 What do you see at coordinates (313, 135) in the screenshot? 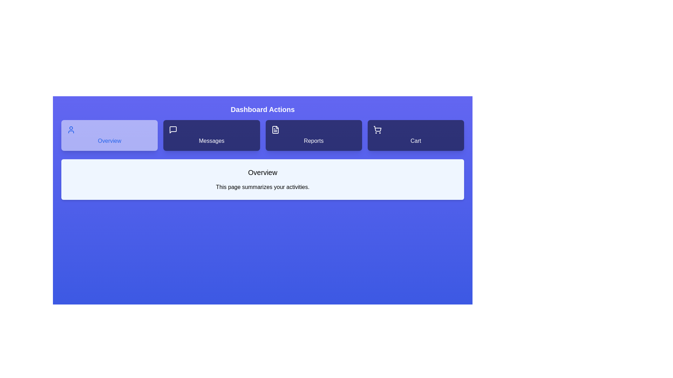
I see `the tab labeled Reports to observe its hover effect` at bounding box center [313, 135].